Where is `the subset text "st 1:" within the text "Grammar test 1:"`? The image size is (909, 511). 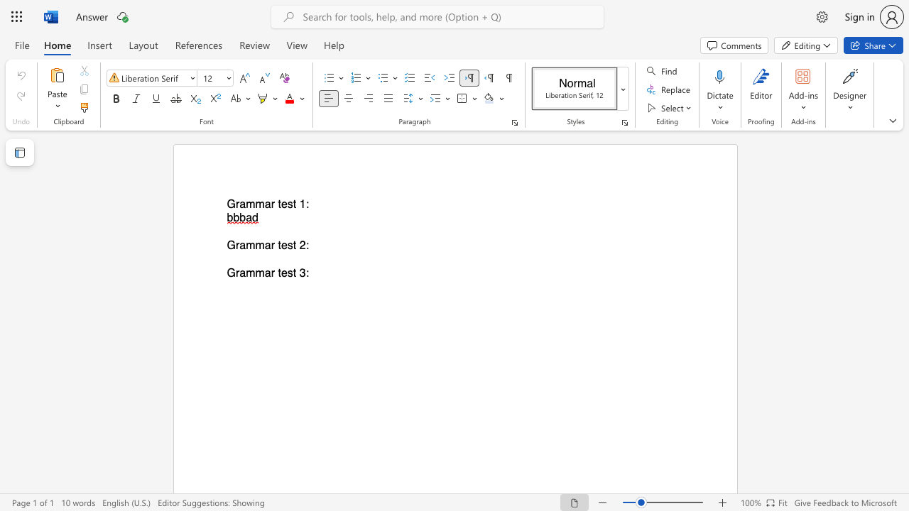 the subset text "st 1:" within the text "Grammar test 1:" is located at coordinates (286, 204).